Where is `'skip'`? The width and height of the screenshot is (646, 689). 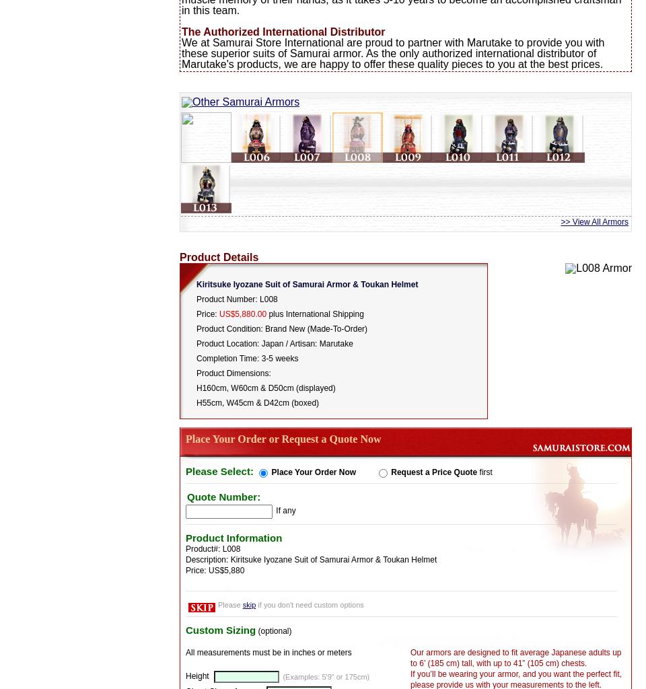 'skip' is located at coordinates (248, 604).